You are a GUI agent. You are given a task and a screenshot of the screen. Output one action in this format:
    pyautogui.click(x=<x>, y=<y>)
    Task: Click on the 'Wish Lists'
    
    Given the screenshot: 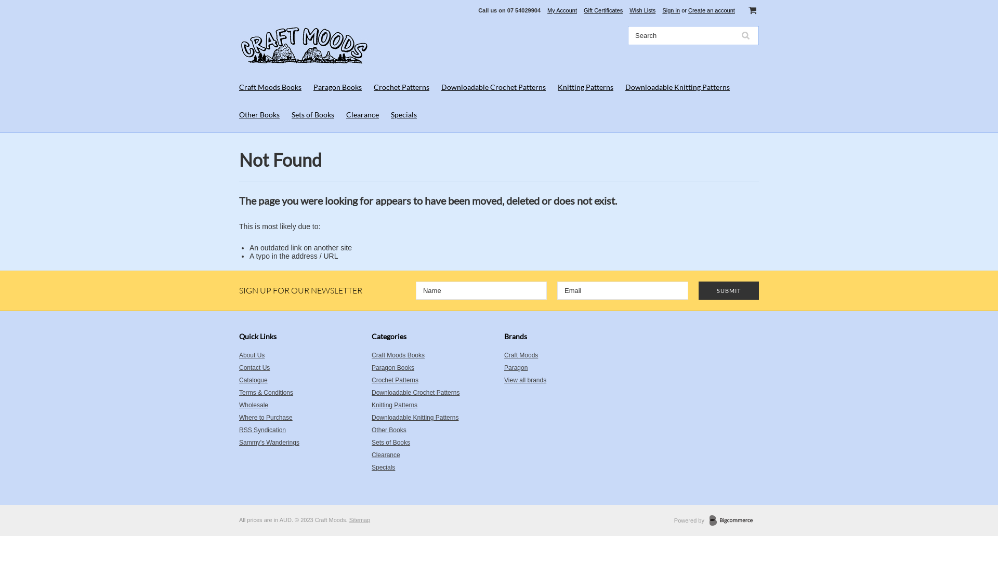 What is the action you would take?
    pyautogui.click(x=642, y=10)
    